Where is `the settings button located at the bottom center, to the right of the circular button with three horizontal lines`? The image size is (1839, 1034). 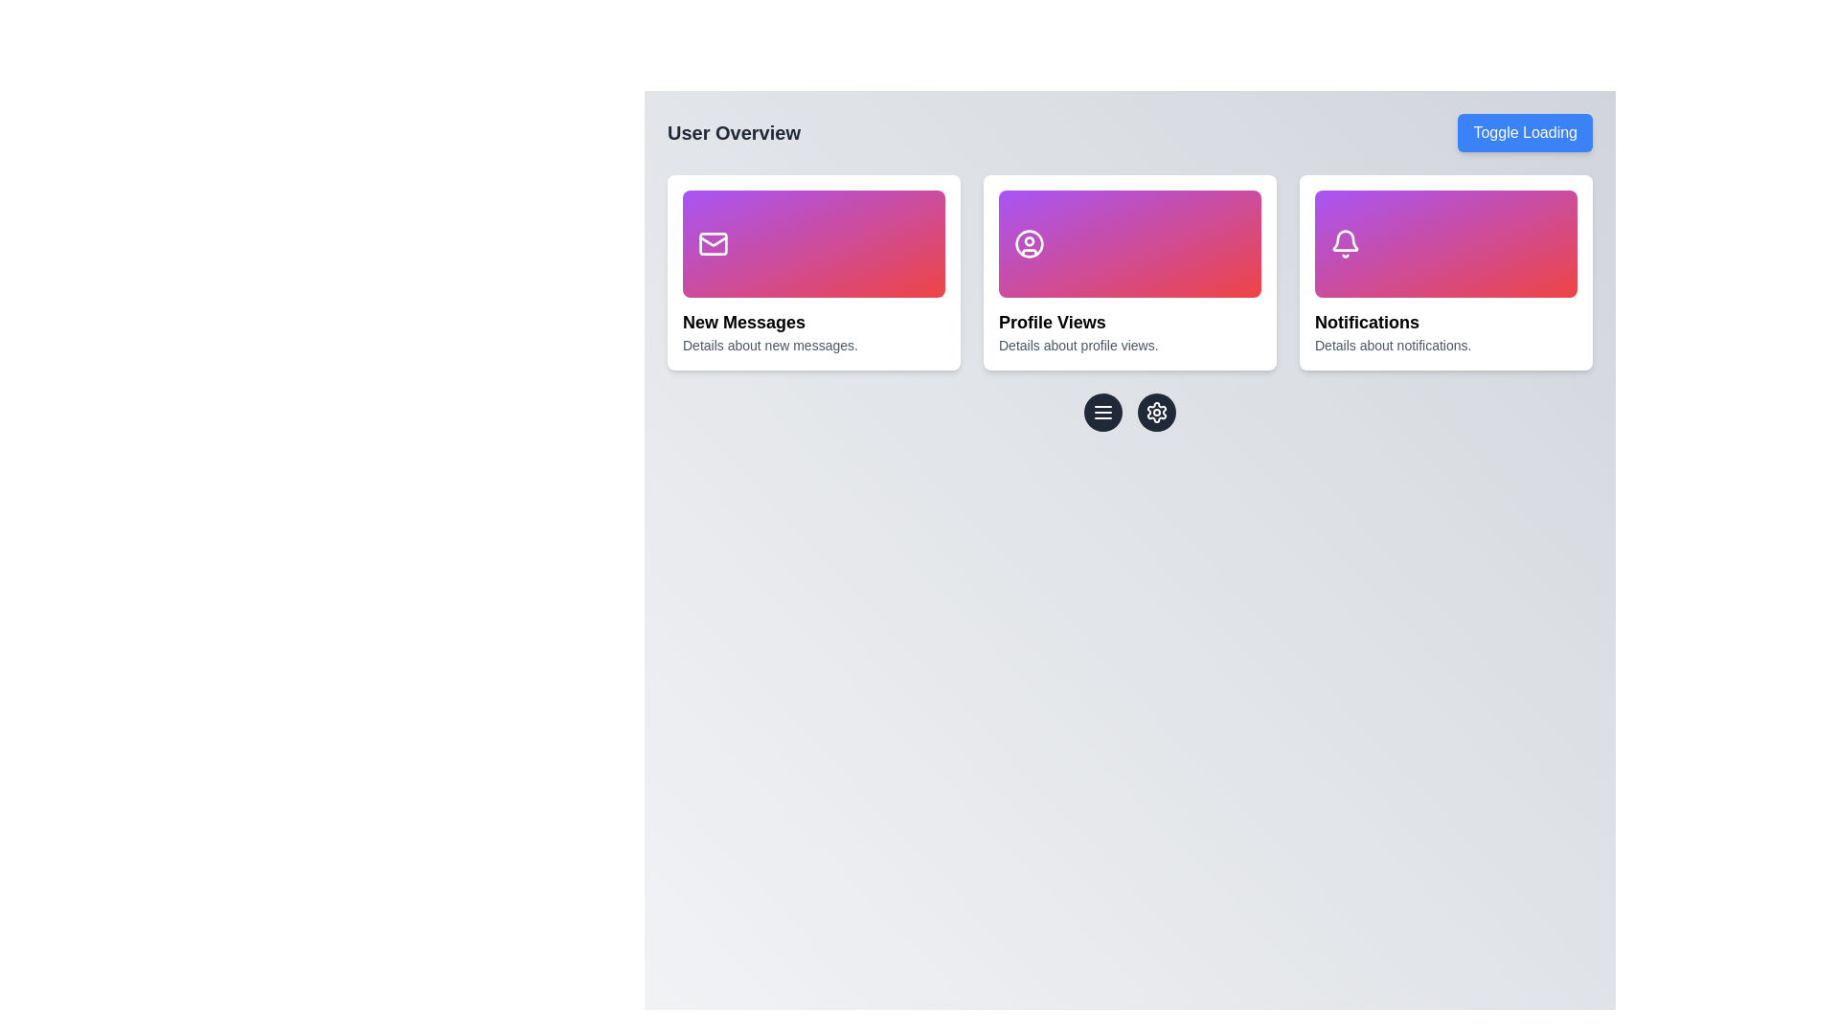
the settings button located at the bottom center, to the right of the circular button with three horizontal lines is located at coordinates (1156, 412).